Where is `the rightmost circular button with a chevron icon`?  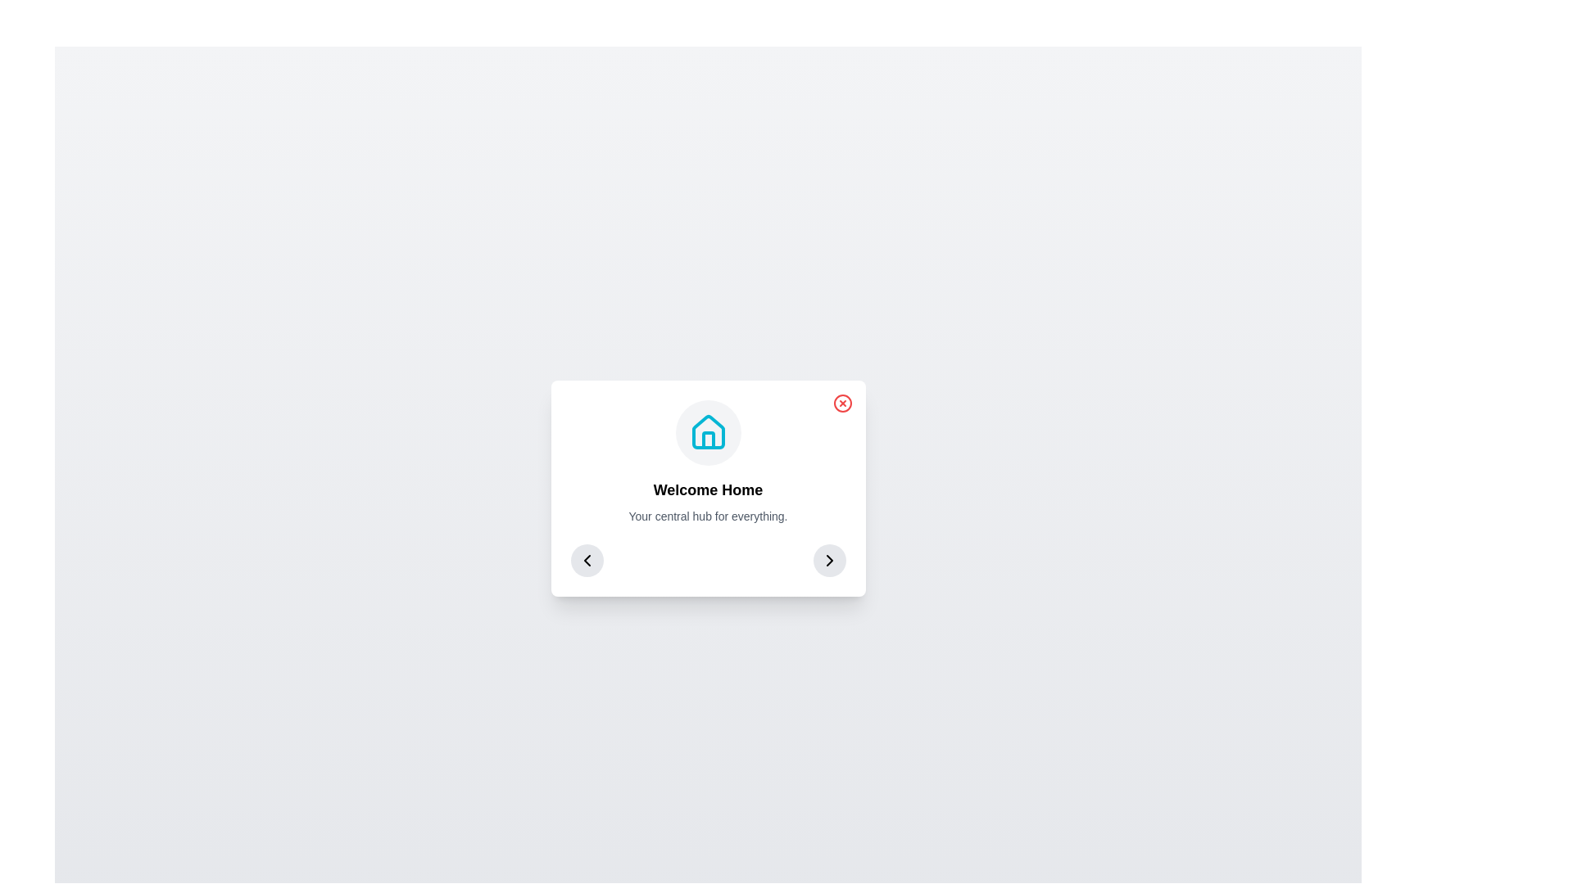
the rightmost circular button with a chevron icon is located at coordinates (829, 560).